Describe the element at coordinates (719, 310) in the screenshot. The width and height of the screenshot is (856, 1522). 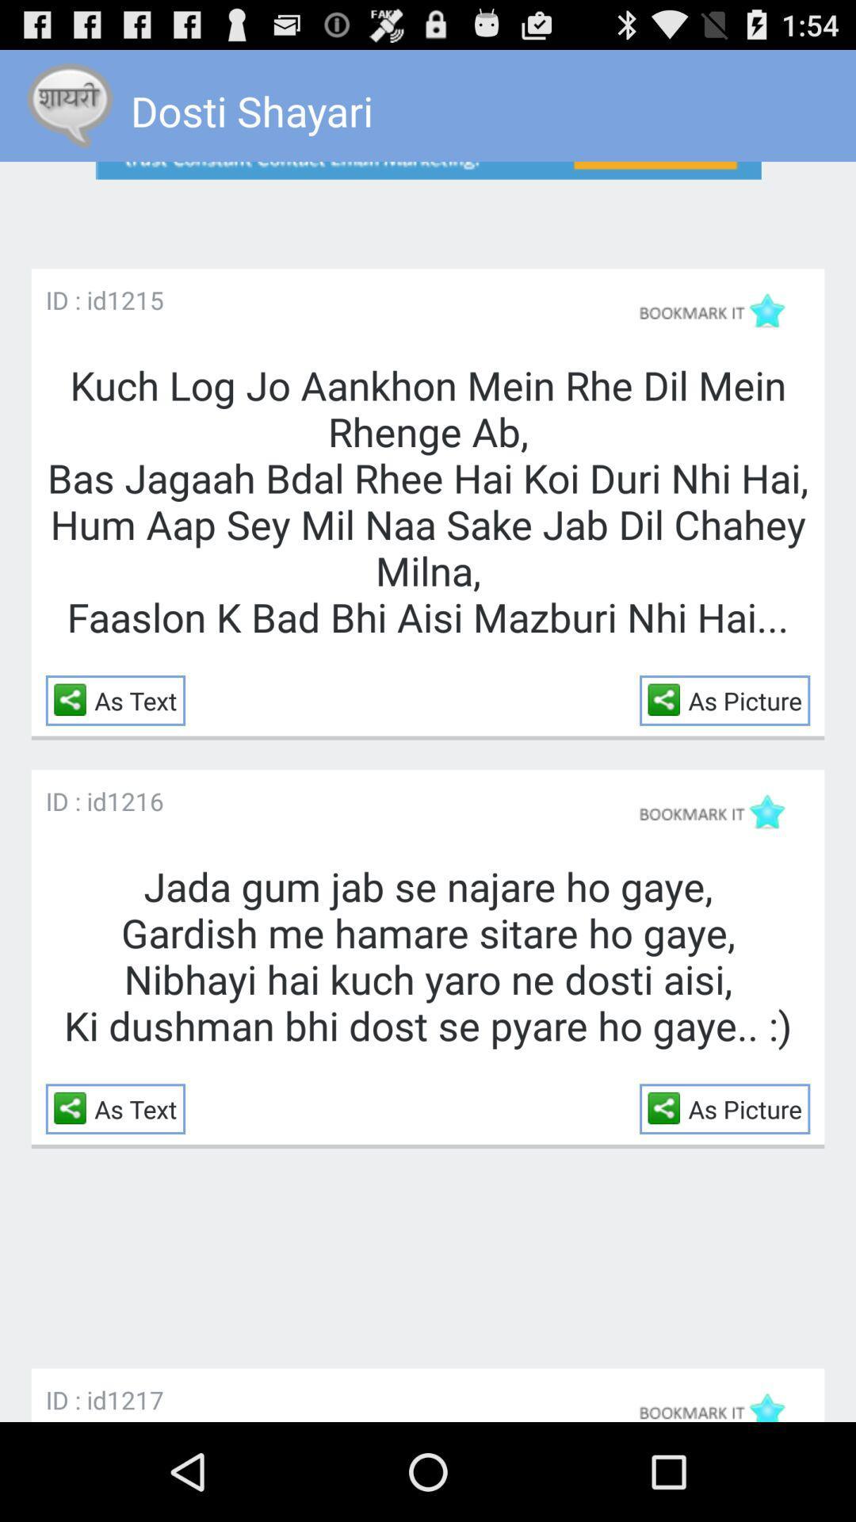
I see `bookmark the selection` at that location.